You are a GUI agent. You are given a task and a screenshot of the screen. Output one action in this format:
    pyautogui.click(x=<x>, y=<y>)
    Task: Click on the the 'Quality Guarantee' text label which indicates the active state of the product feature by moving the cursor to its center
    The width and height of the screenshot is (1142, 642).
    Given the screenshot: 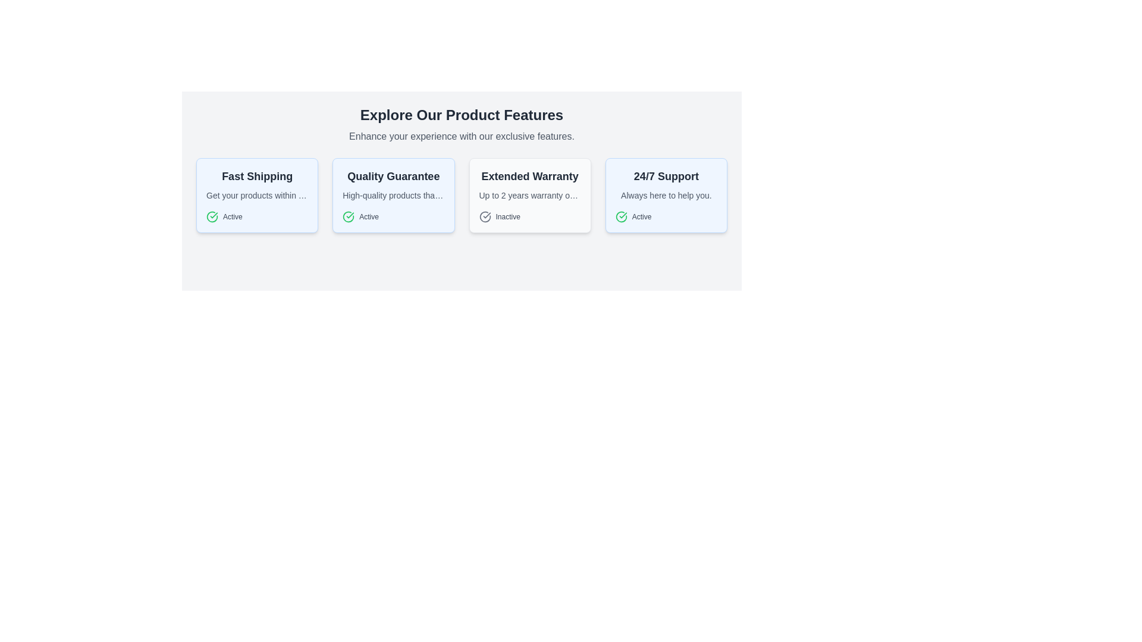 What is the action you would take?
    pyautogui.click(x=393, y=217)
    